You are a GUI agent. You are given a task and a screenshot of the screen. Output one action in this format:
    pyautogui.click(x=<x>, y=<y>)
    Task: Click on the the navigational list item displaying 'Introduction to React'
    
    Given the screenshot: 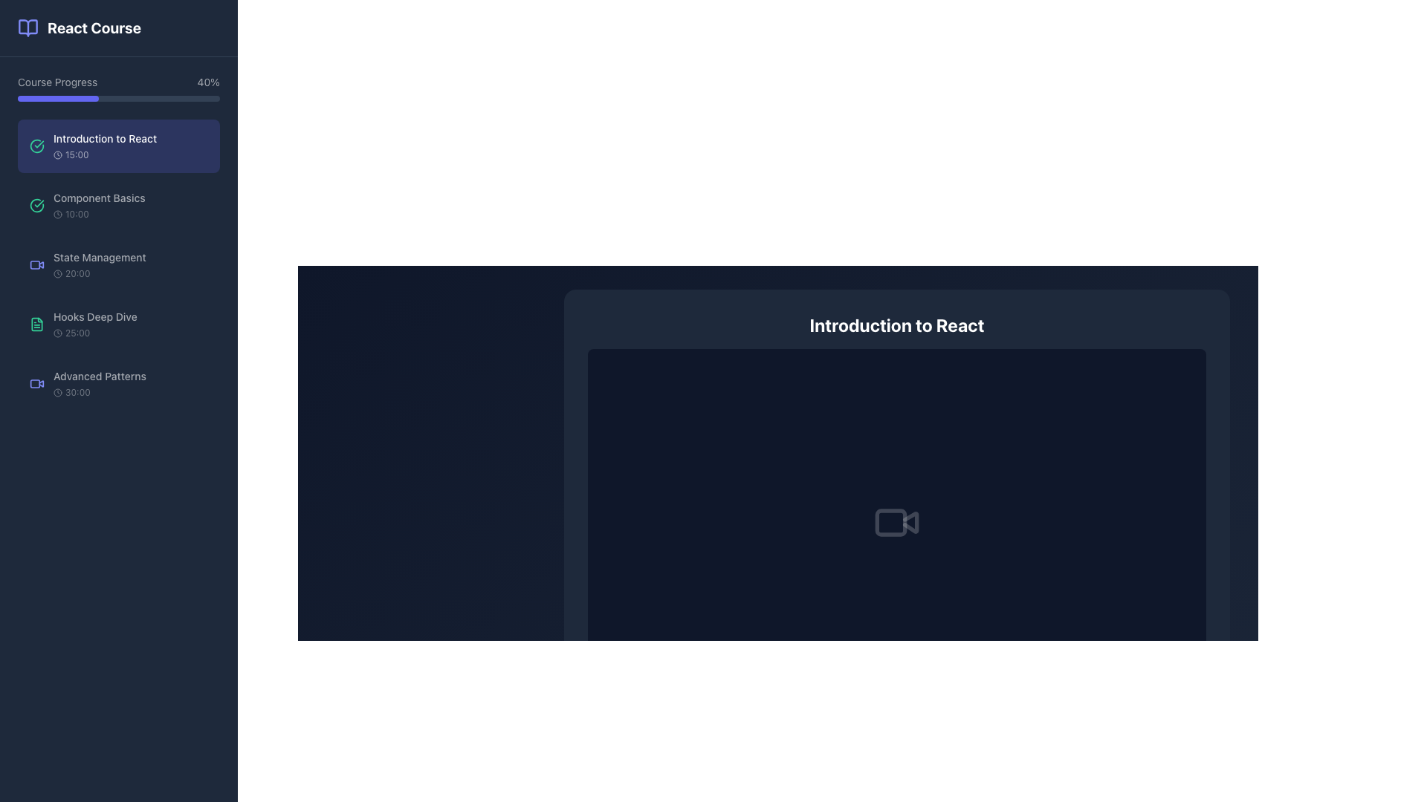 What is the action you would take?
    pyautogui.click(x=131, y=146)
    